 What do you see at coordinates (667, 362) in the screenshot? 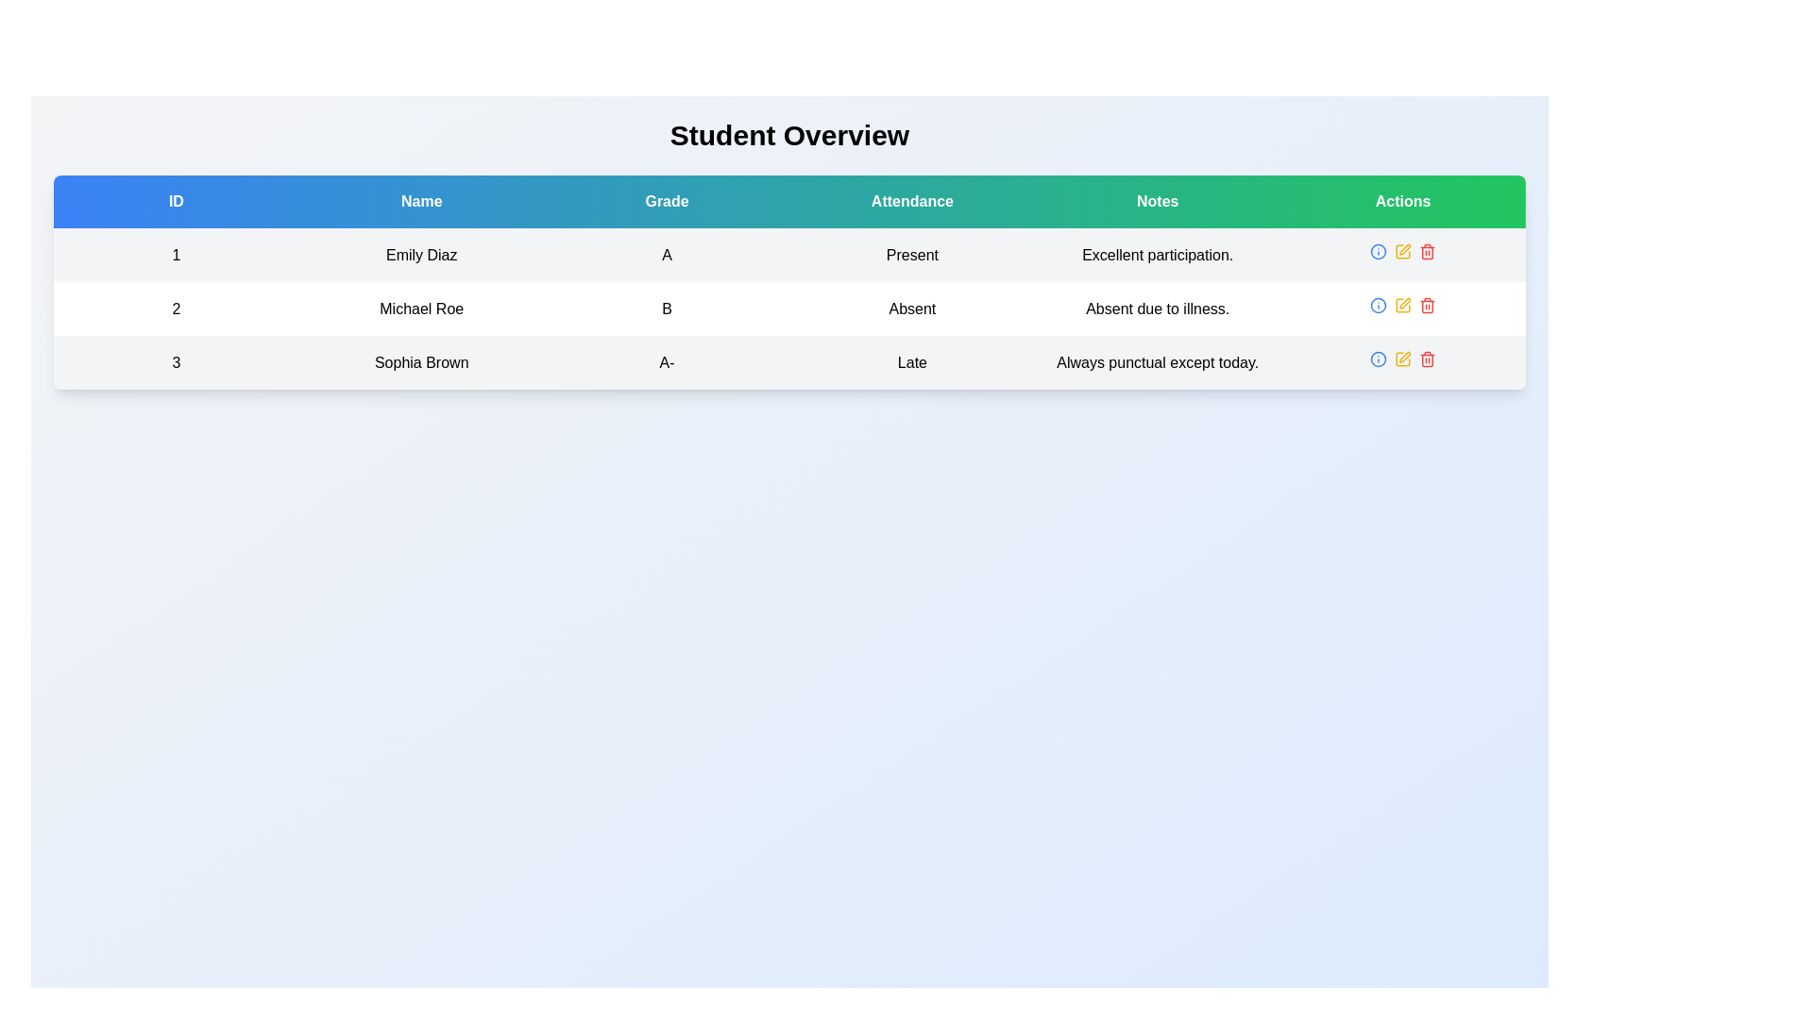
I see `the Text label displaying the grade information for the student 'Sophia Brown', which is the third entry in the 'Grade' column of the table` at bounding box center [667, 362].